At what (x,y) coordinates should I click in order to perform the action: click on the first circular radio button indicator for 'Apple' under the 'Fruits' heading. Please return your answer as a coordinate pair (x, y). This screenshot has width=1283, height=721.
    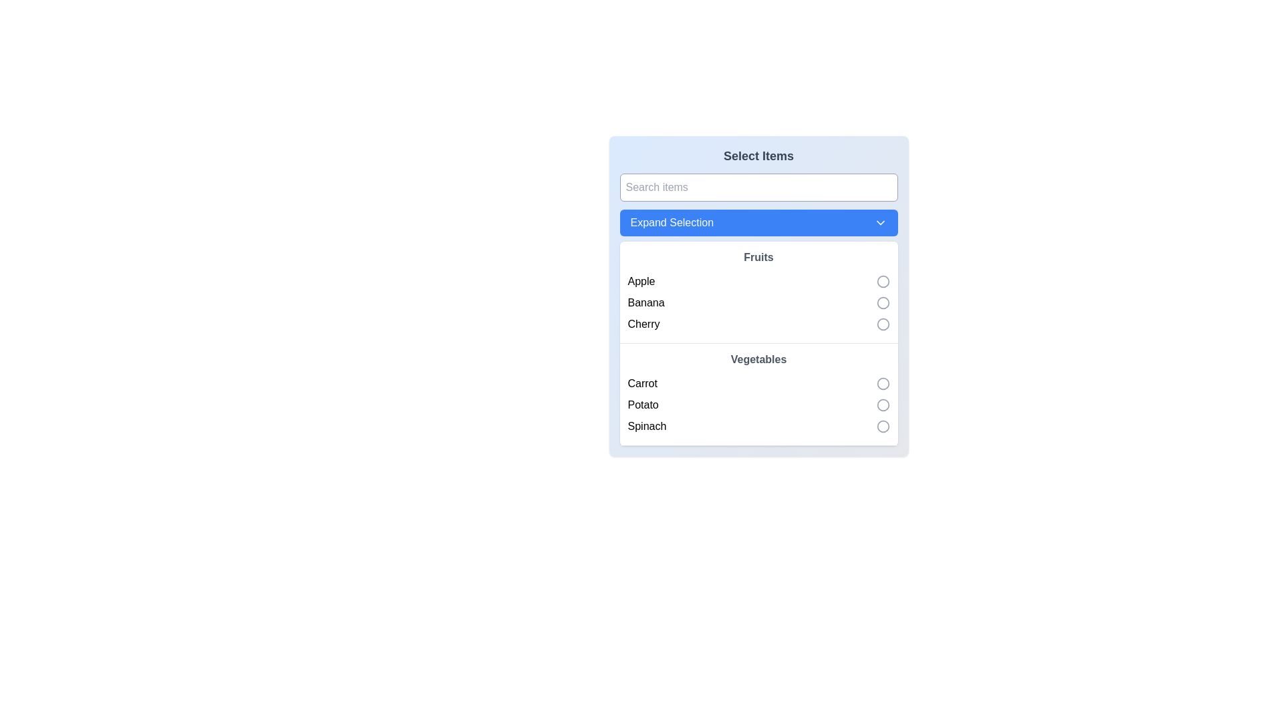
    Looking at the image, I should click on (883, 280).